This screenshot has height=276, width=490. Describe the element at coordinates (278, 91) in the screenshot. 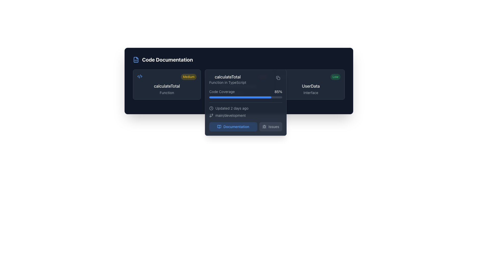

I see `the static text label displaying '85%'` at that location.